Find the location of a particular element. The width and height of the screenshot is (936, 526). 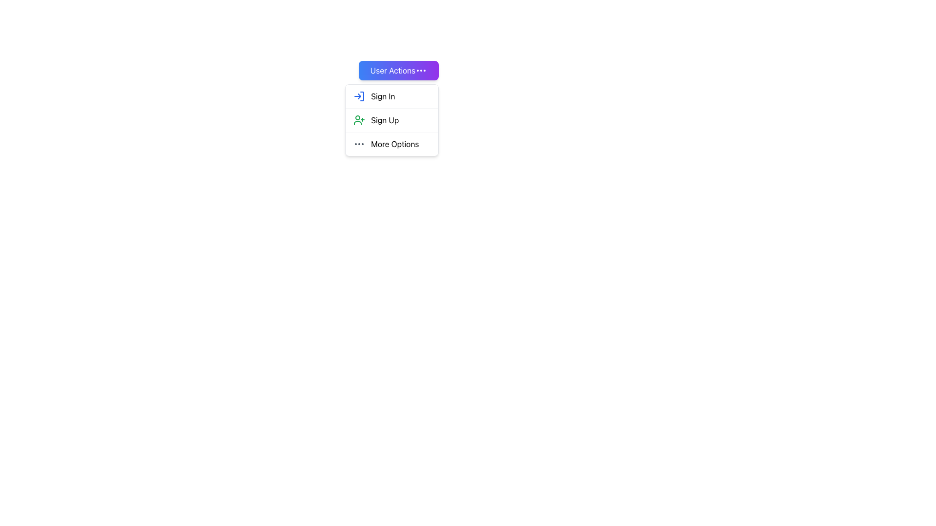

the 'Sign In' button located in the 'User Actions' drop-down menu to initiate the login process is located at coordinates (392, 96).